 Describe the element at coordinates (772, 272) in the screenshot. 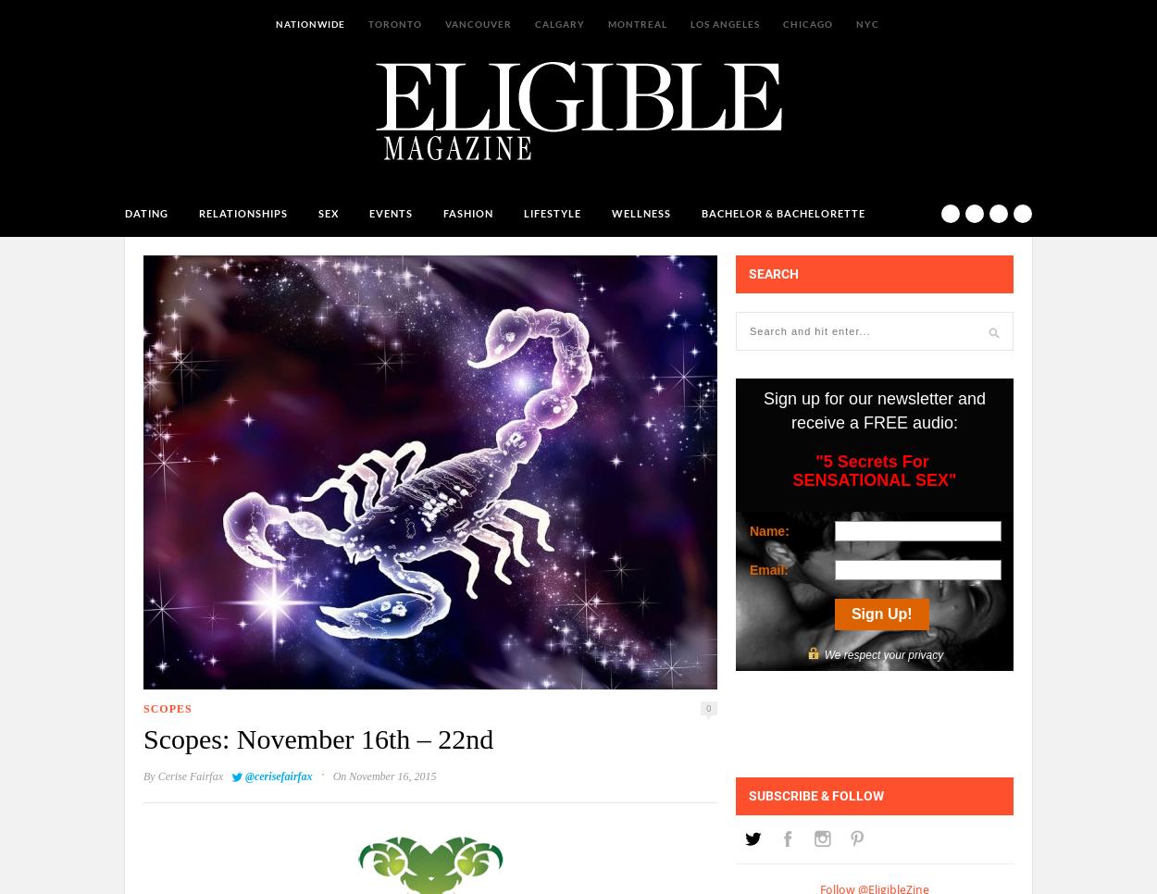

I see `'Search'` at that location.